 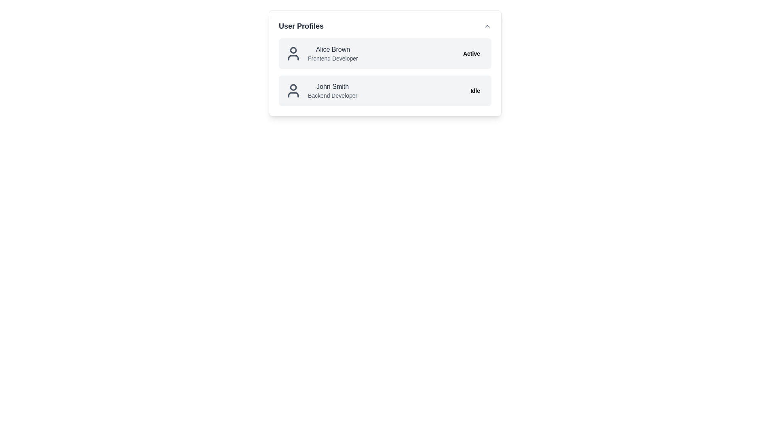 I want to click on the Text Label displaying the user's role or job title, which is located in the 'User Profiles' section, immediately following the name 'Alice Brown', so click(x=333, y=58).